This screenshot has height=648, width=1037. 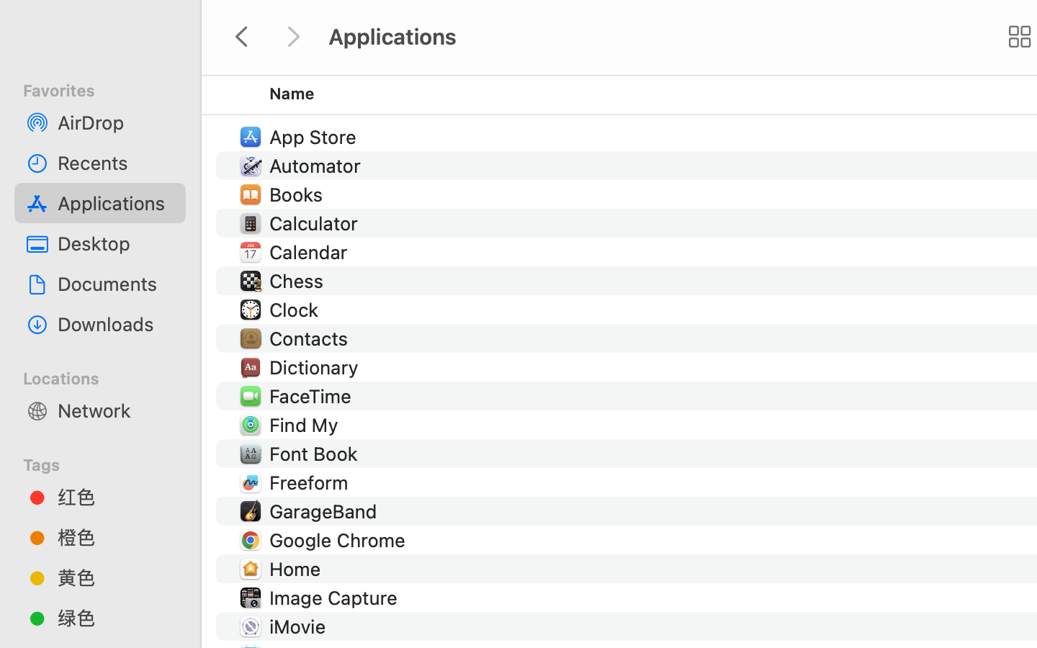 What do you see at coordinates (312, 252) in the screenshot?
I see `'Calendar'` at bounding box center [312, 252].